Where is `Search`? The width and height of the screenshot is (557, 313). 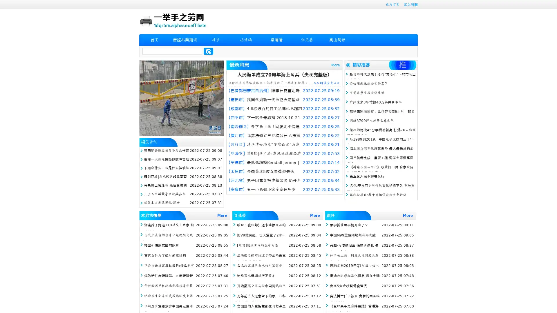
Search is located at coordinates (208, 51).